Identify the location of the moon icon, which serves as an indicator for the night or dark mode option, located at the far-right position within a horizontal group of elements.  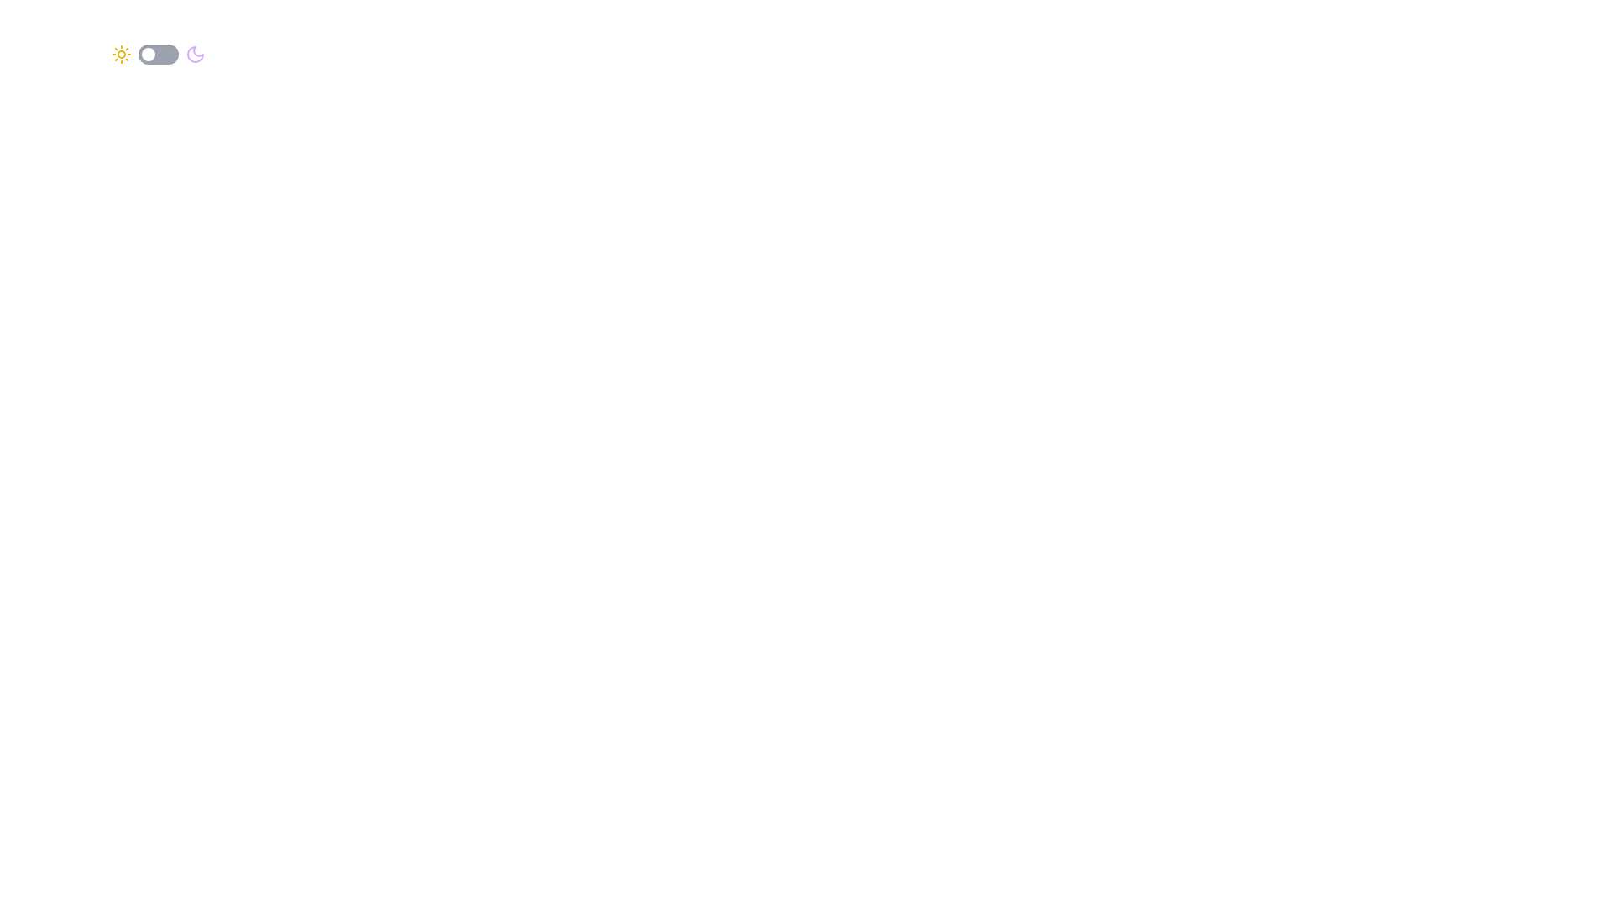
(196, 54).